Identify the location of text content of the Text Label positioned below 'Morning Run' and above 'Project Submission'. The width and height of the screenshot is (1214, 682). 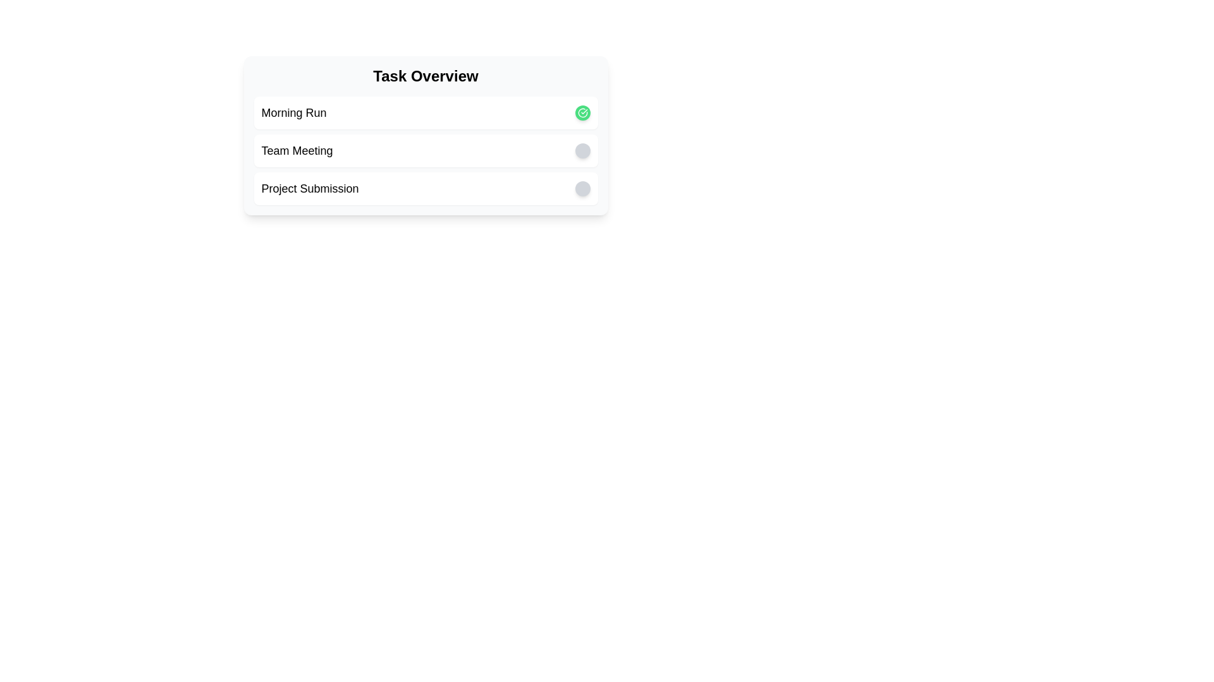
(297, 150).